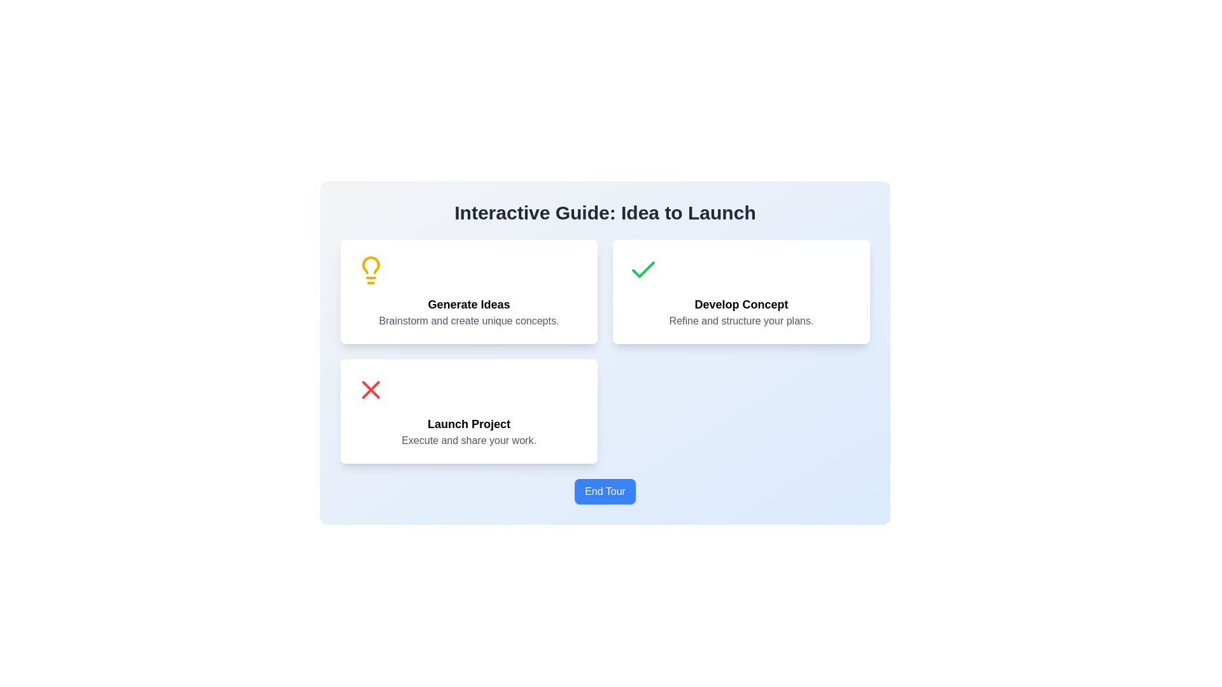 This screenshot has height=687, width=1222. What do you see at coordinates (604, 490) in the screenshot?
I see `the blue 'End Tour' button to observe the hover effect, which features a background transition to a lighter blue shade` at bounding box center [604, 490].